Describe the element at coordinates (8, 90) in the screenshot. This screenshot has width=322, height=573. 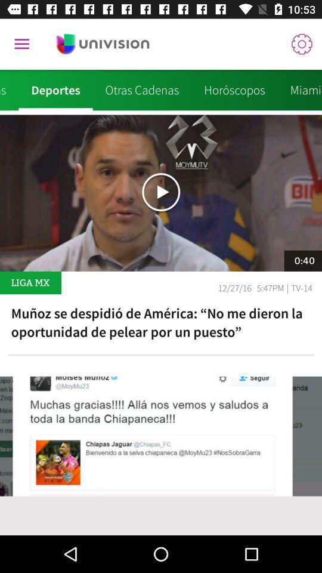
I see `icon next to the deportes` at that location.